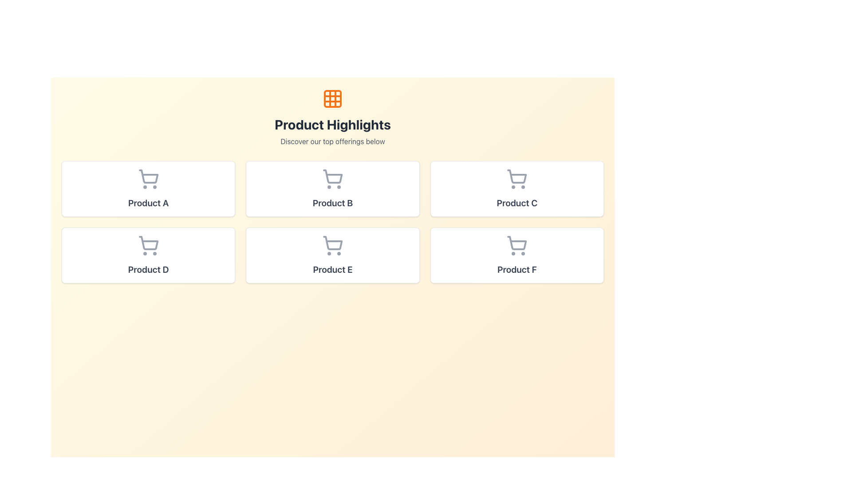  Describe the element at coordinates (332, 177) in the screenshot. I see `the shopping cart icon, which is a gray trapezoidal cart with wheels, located at the upper-center of the 'Product B' card in the grid layout` at that location.